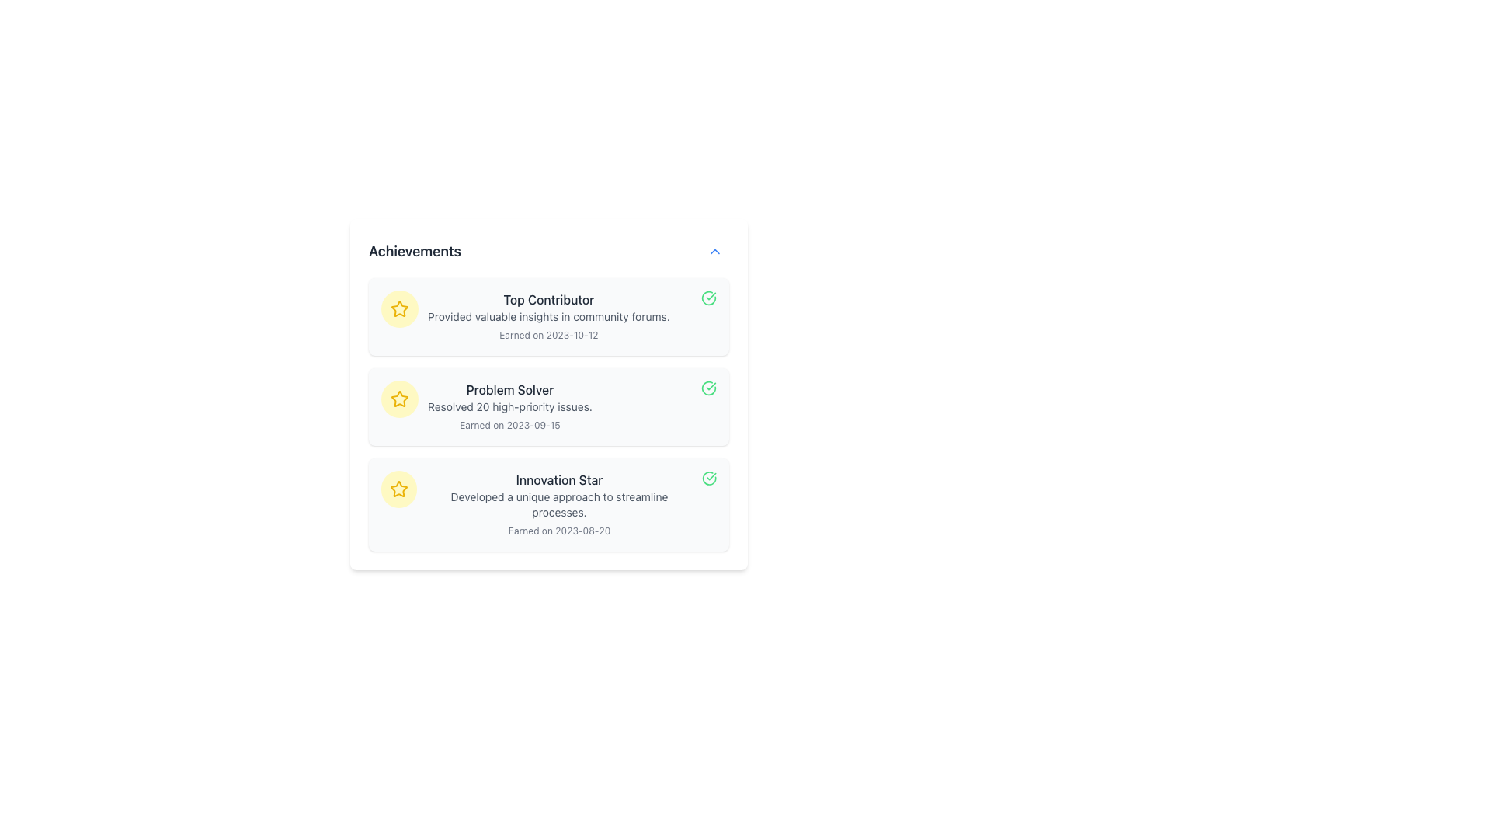 The image size is (1491, 839). I want to click on green checkmark icon within the achievements section next to 'Top Contributor' for accessibility or styling purposes, so click(707, 386).